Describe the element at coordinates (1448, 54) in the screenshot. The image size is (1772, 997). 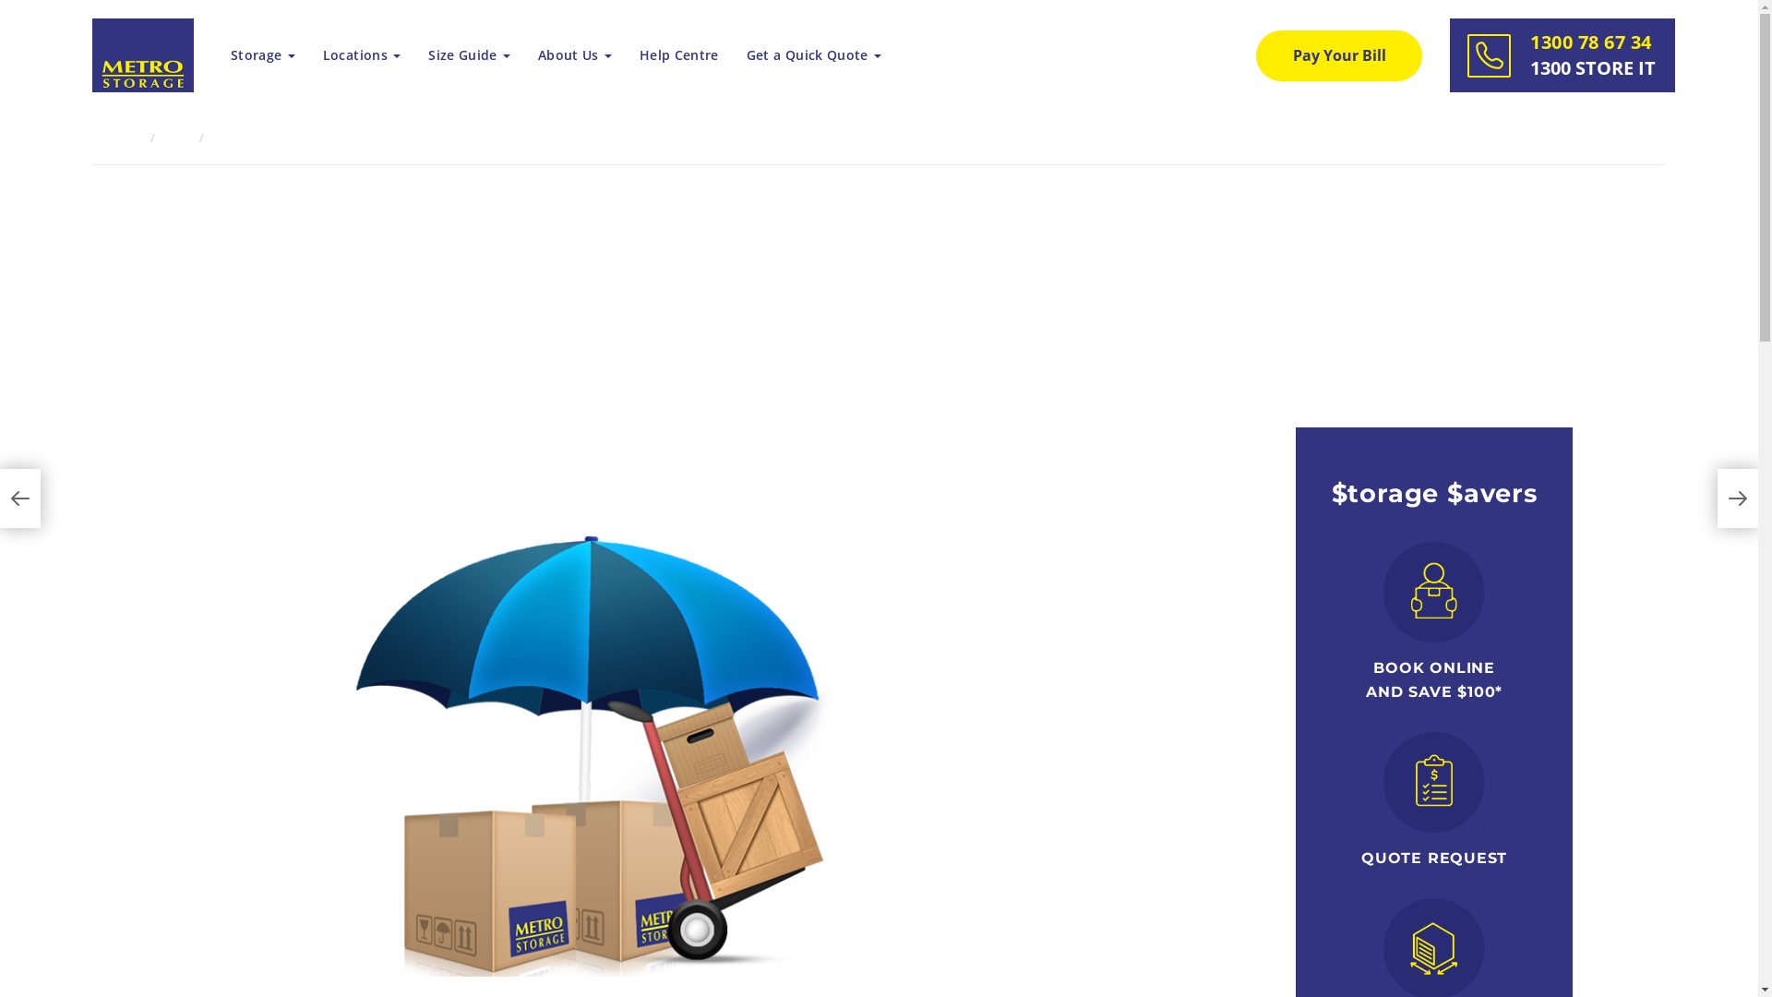
I see `'1300 78 67 34` at that location.